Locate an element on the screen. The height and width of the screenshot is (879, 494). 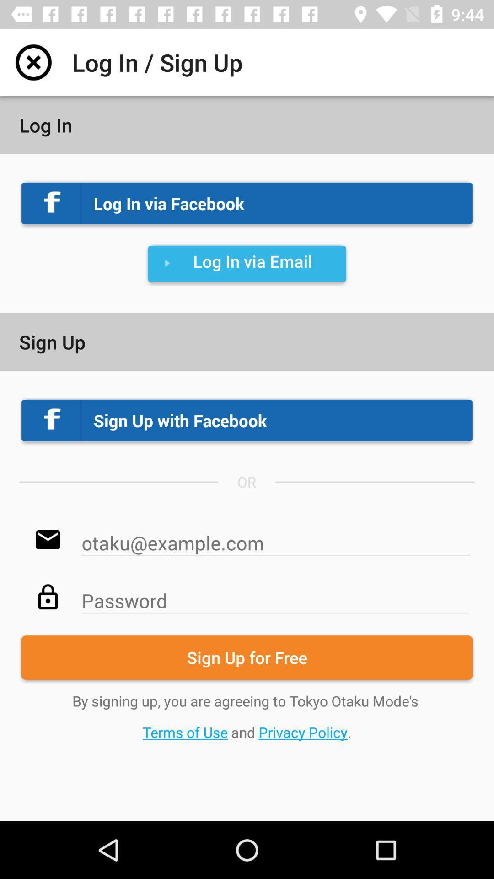
log in is located at coordinates (33, 62).